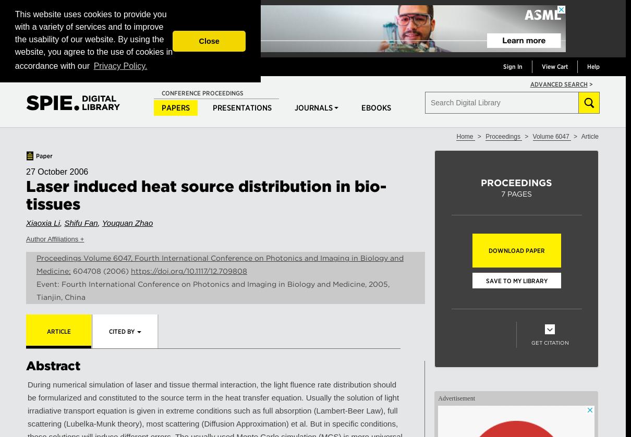 This screenshot has height=437, width=631. I want to click on 'Proceedings Volume 6047, Fourth International Conference on Photonics and Imaging in Biology and Medicine;', so click(220, 264).